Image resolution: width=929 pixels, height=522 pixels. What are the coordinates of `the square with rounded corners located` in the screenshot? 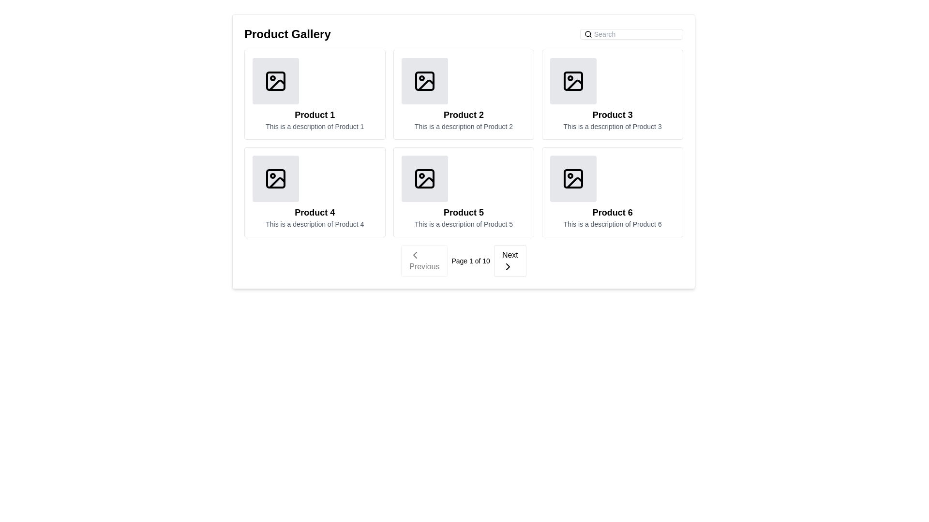 It's located at (573, 81).